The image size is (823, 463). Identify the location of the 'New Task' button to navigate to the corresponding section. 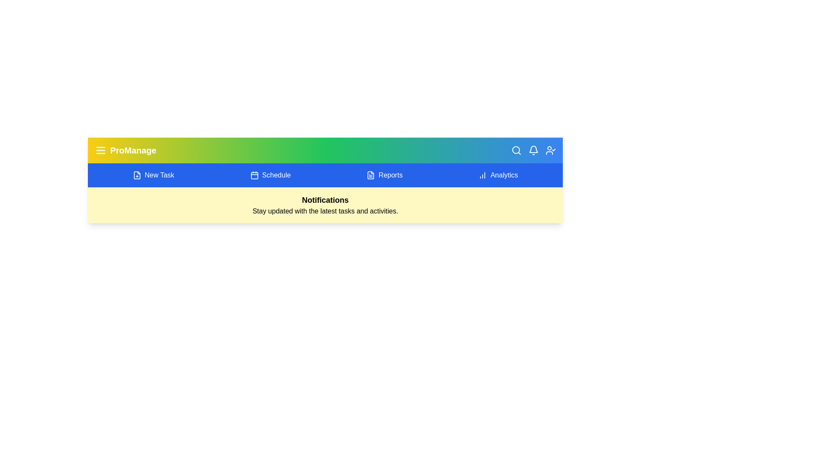
(153, 174).